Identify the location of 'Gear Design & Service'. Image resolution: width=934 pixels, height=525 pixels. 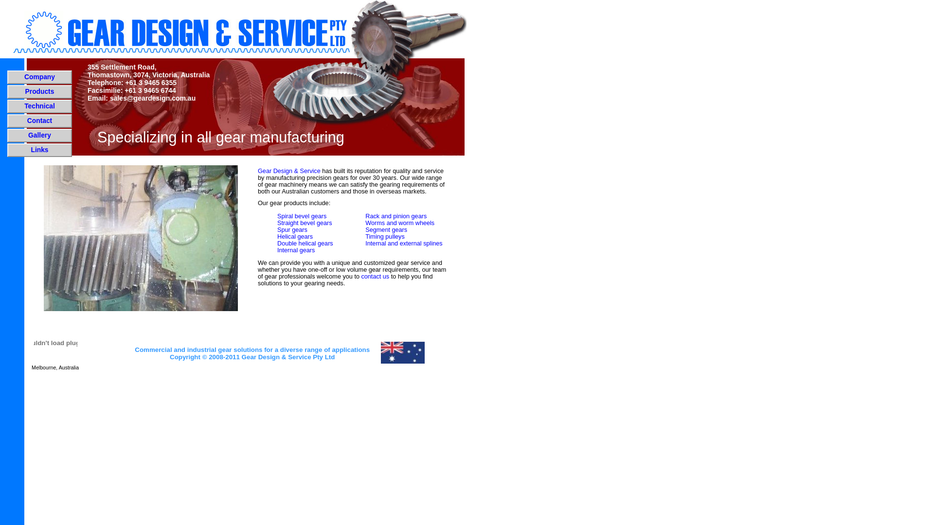
(288, 170).